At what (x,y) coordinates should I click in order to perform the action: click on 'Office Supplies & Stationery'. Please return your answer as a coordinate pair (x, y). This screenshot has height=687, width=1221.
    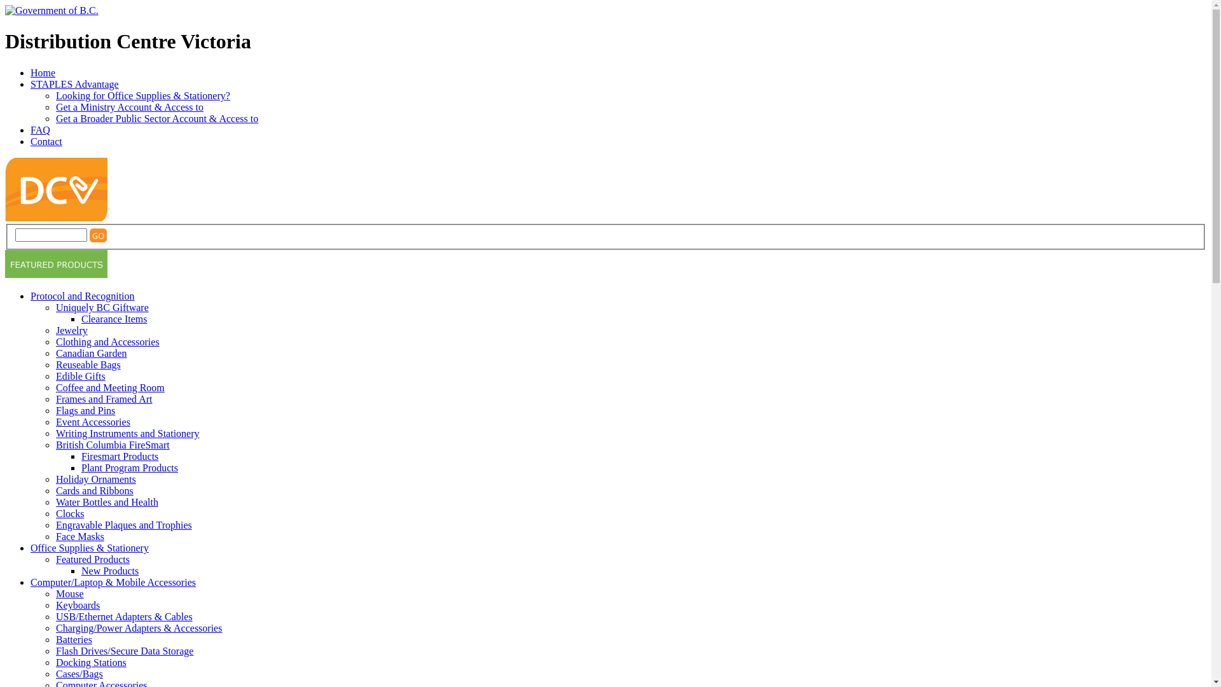
    Looking at the image, I should click on (88, 547).